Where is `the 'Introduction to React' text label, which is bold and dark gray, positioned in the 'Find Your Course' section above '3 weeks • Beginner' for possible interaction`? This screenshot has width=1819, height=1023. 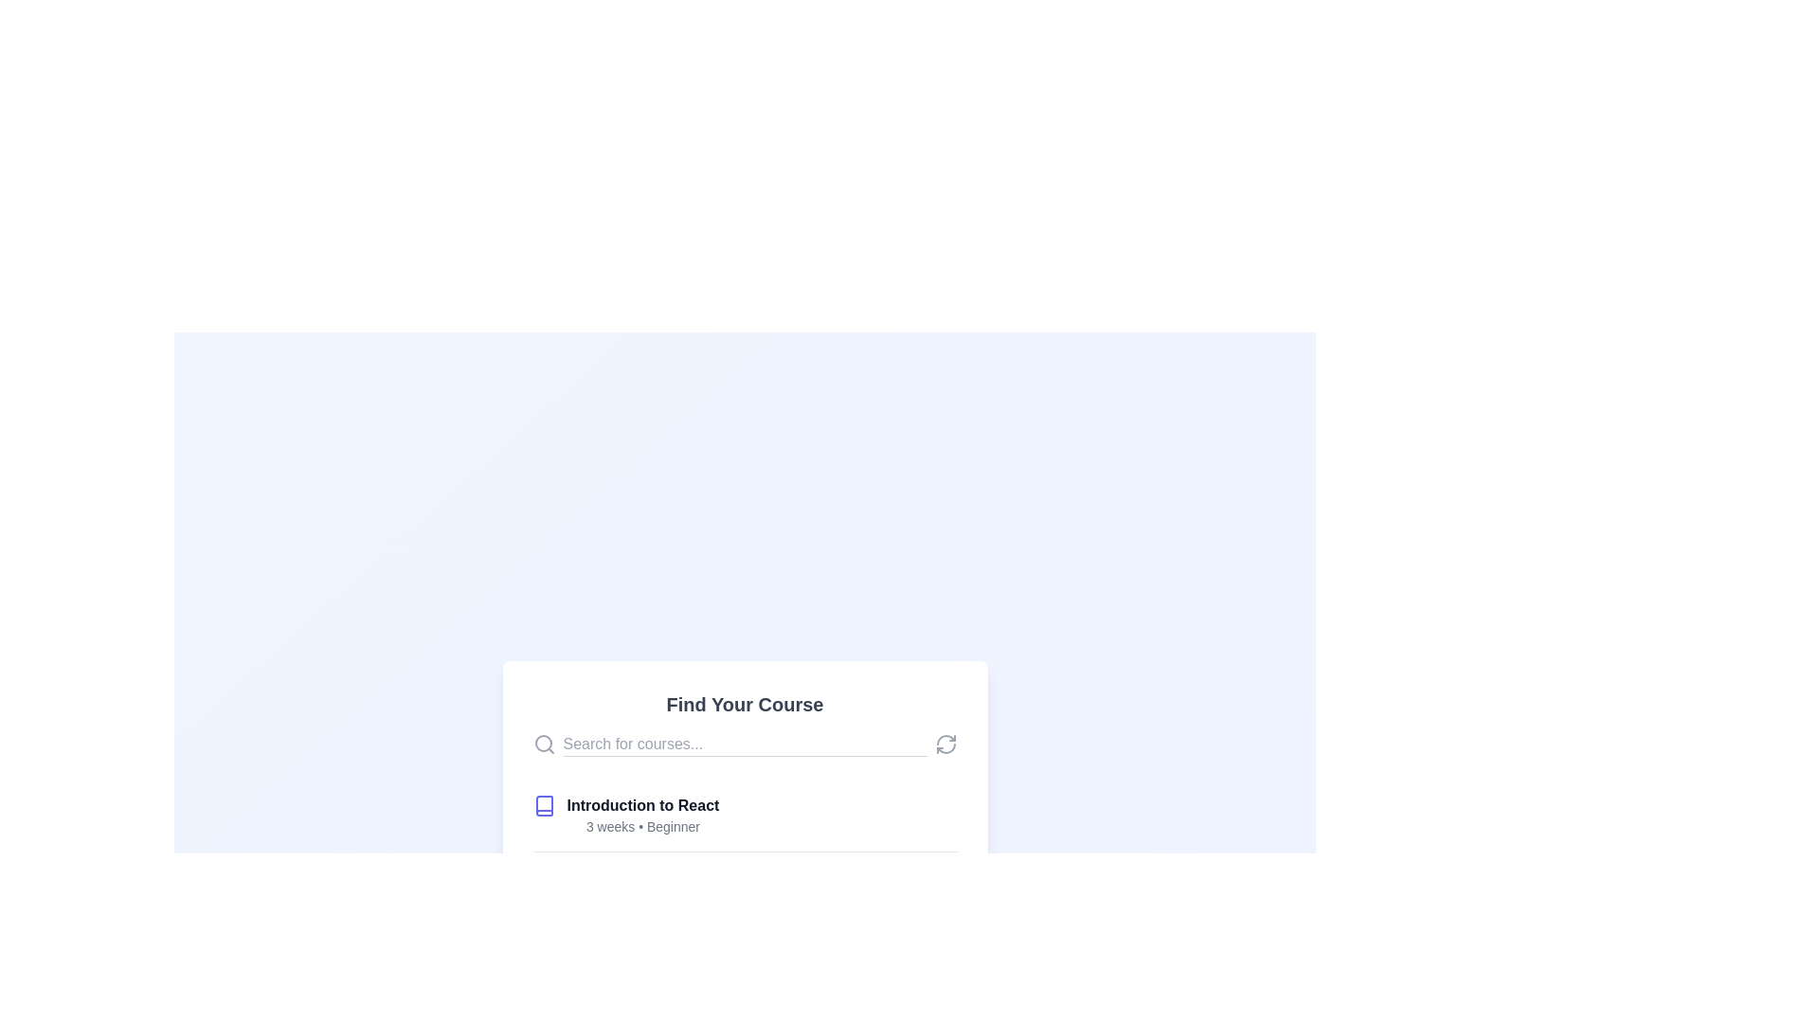 the 'Introduction to React' text label, which is bold and dark gray, positioned in the 'Find Your Course' section above '3 weeks • Beginner' for possible interaction is located at coordinates (642, 805).